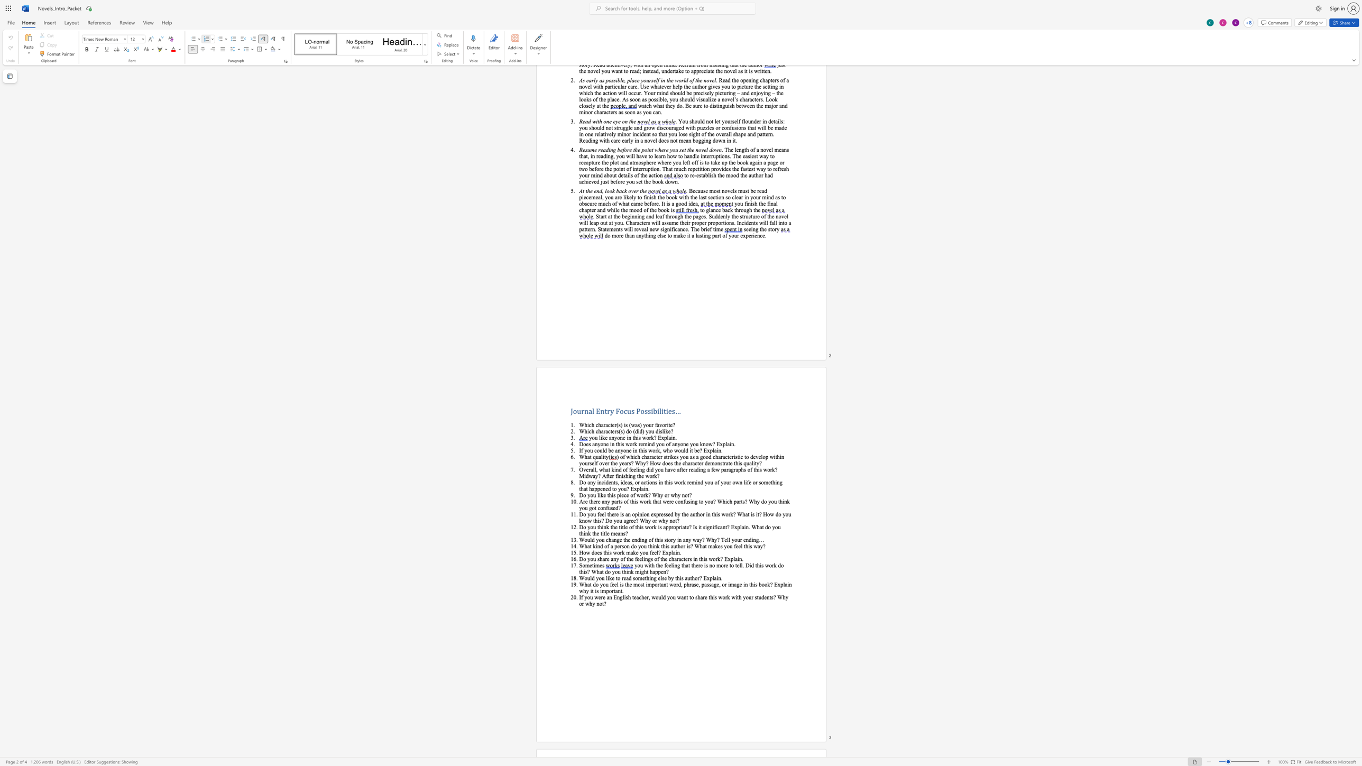 The width and height of the screenshot is (1362, 766). What do you see at coordinates (606, 501) in the screenshot?
I see `the space between the continuous character "n" and "y" in the text` at bounding box center [606, 501].